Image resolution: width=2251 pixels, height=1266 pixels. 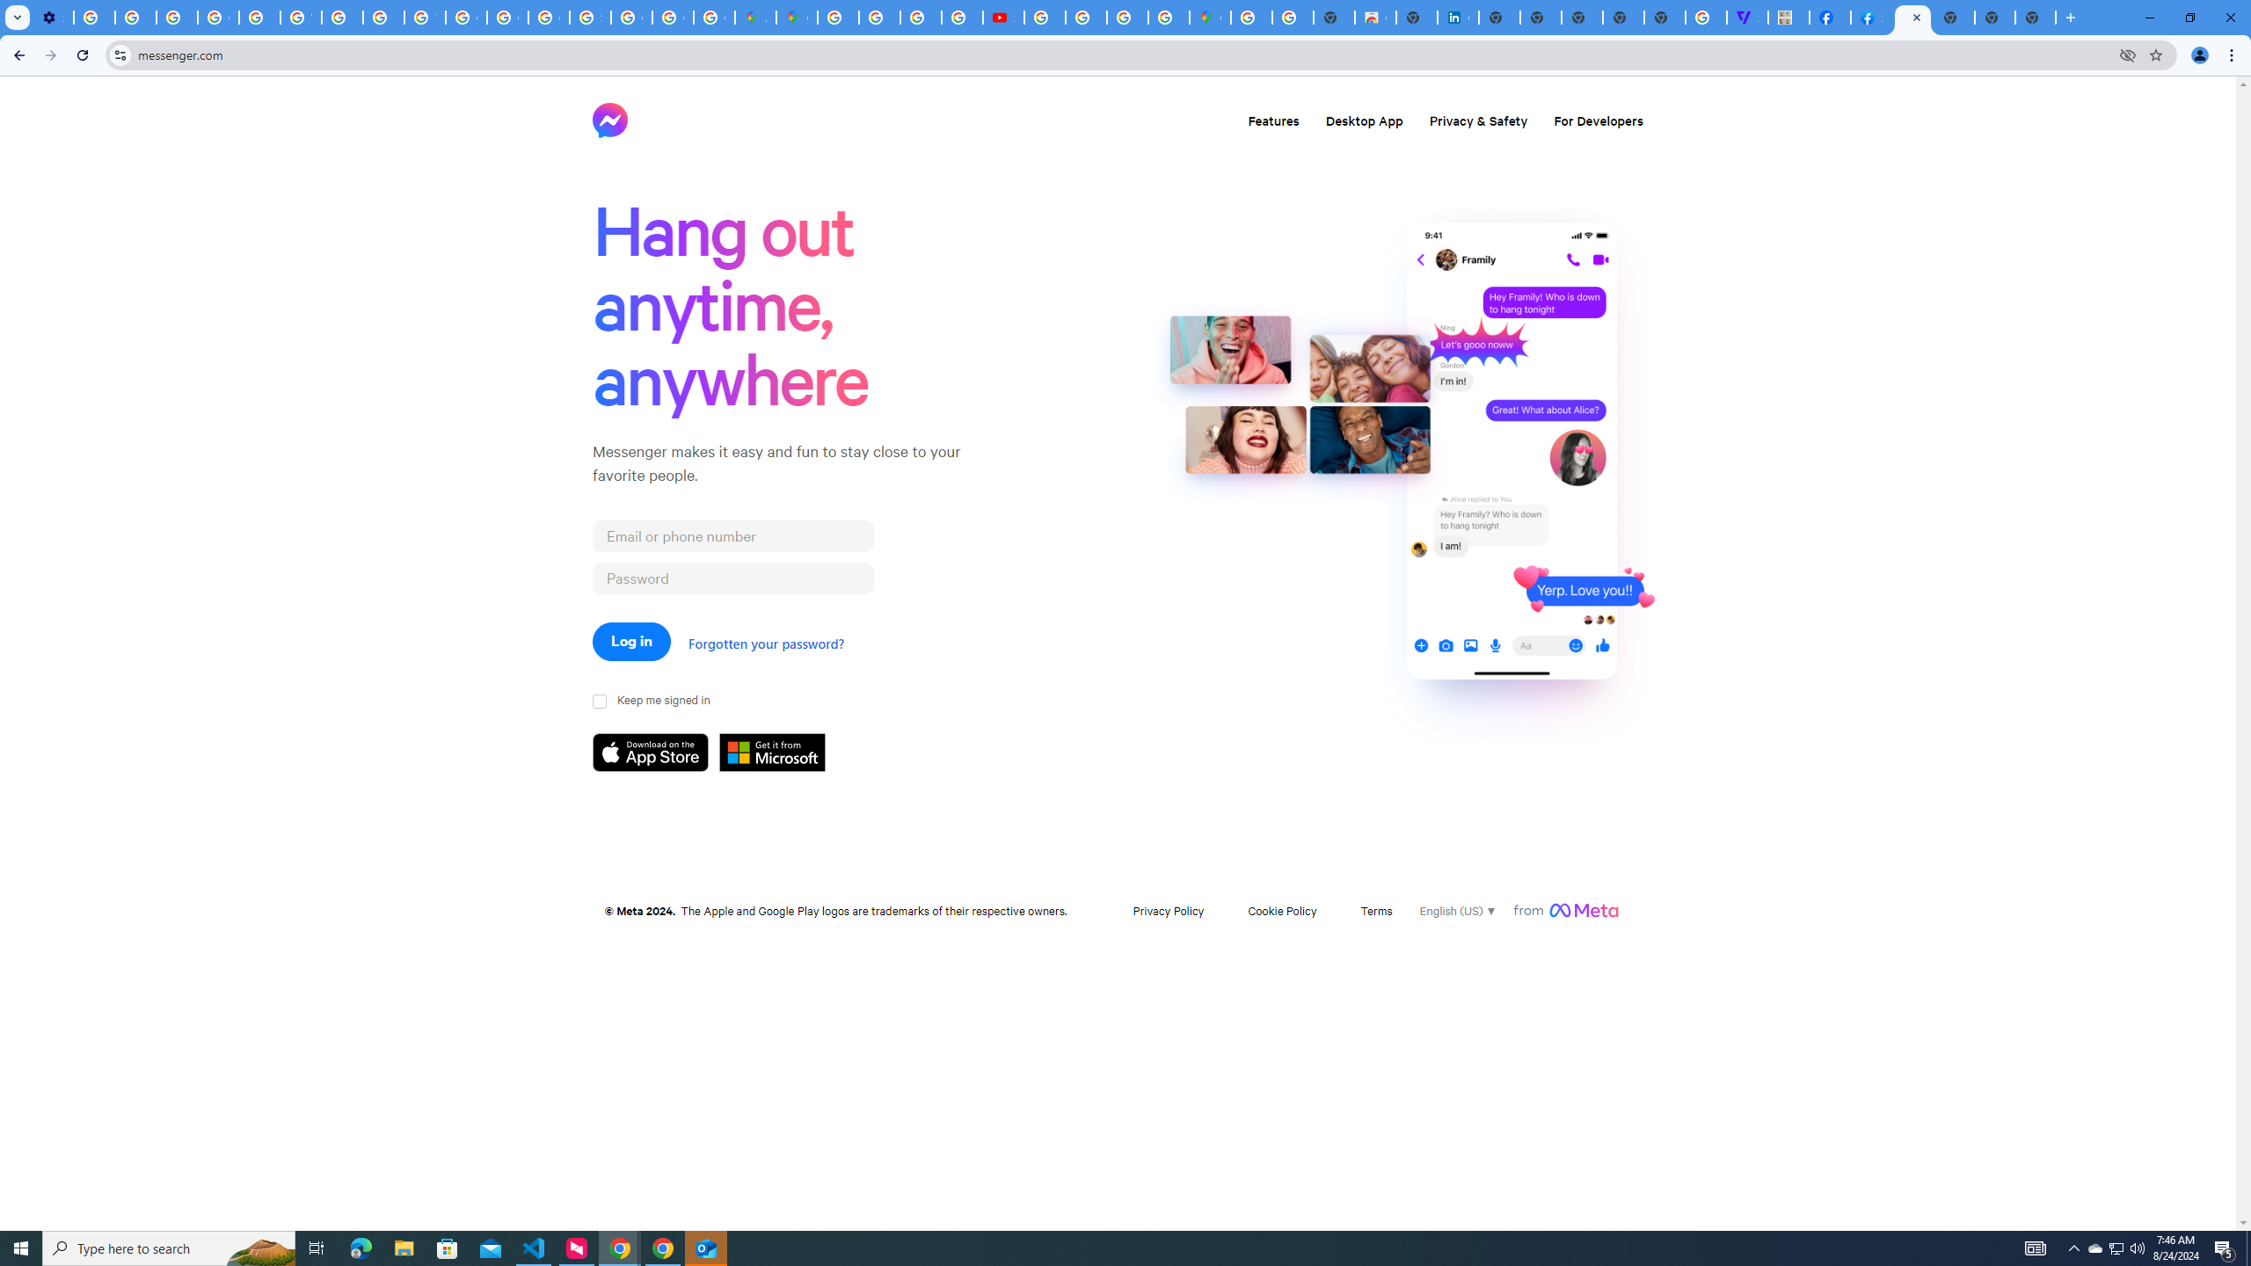 I want to click on 'Features', so click(x=1272, y=119).